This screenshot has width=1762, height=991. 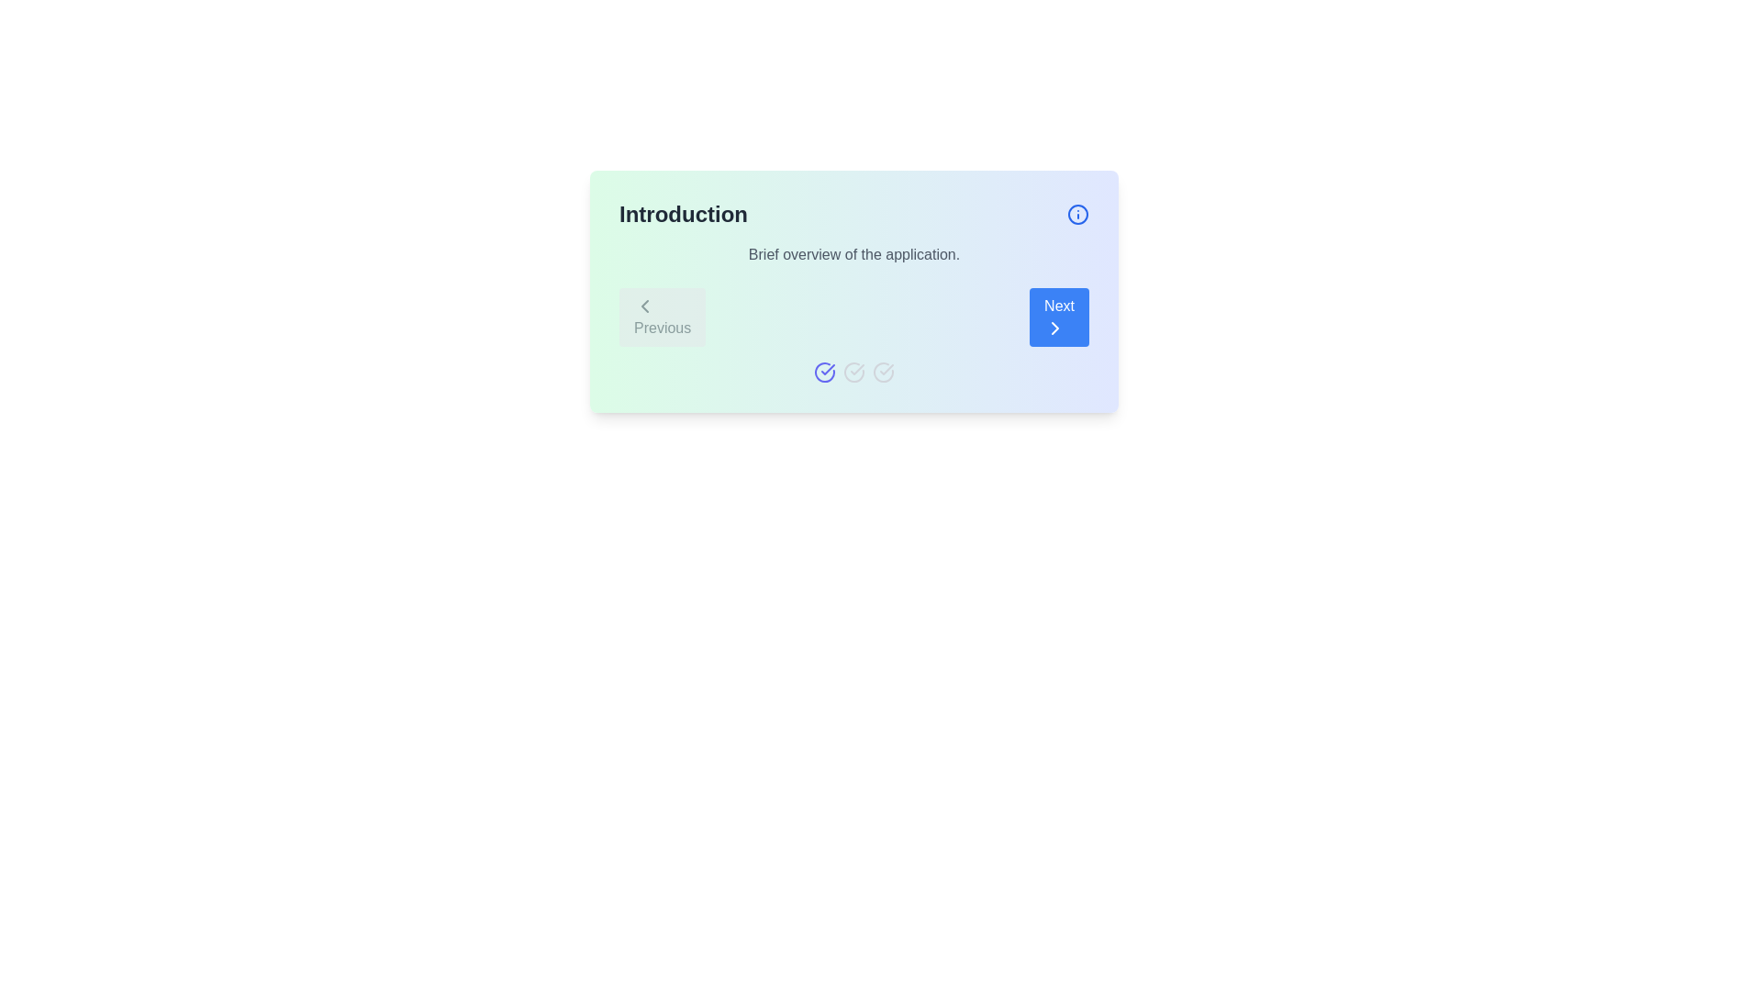 What do you see at coordinates (661, 317) in the screenshot?
I see `the 'Previous' button located on the left side of the navigation control segment` at bounding box center [661, 317].